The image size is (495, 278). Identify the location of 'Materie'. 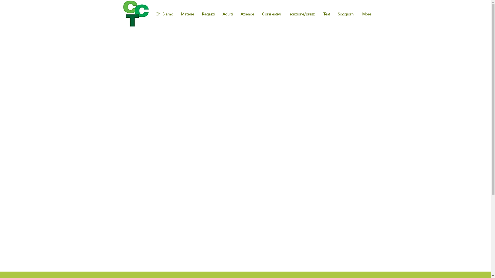
(187, 14).